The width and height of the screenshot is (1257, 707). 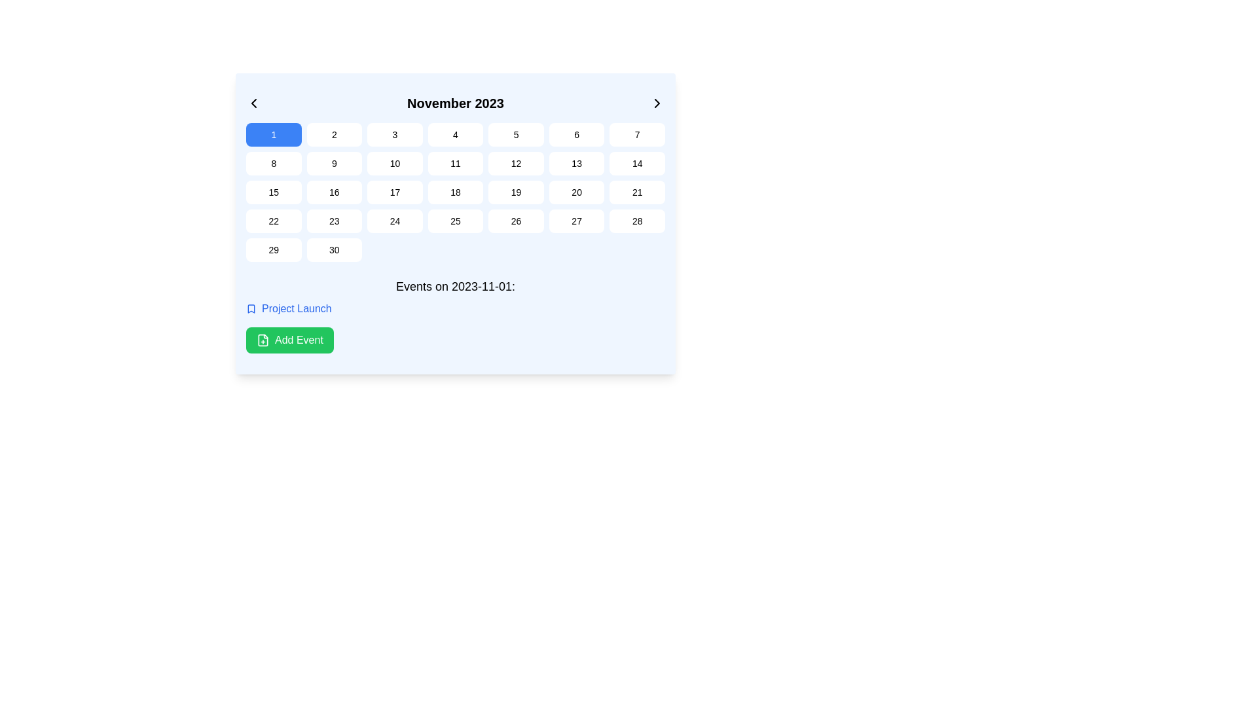 I want to click on the button displaying the number '19' with a white background and rounded corners, located in the fifth column of the third row of the calendar grid, so click(x=515, y=192).